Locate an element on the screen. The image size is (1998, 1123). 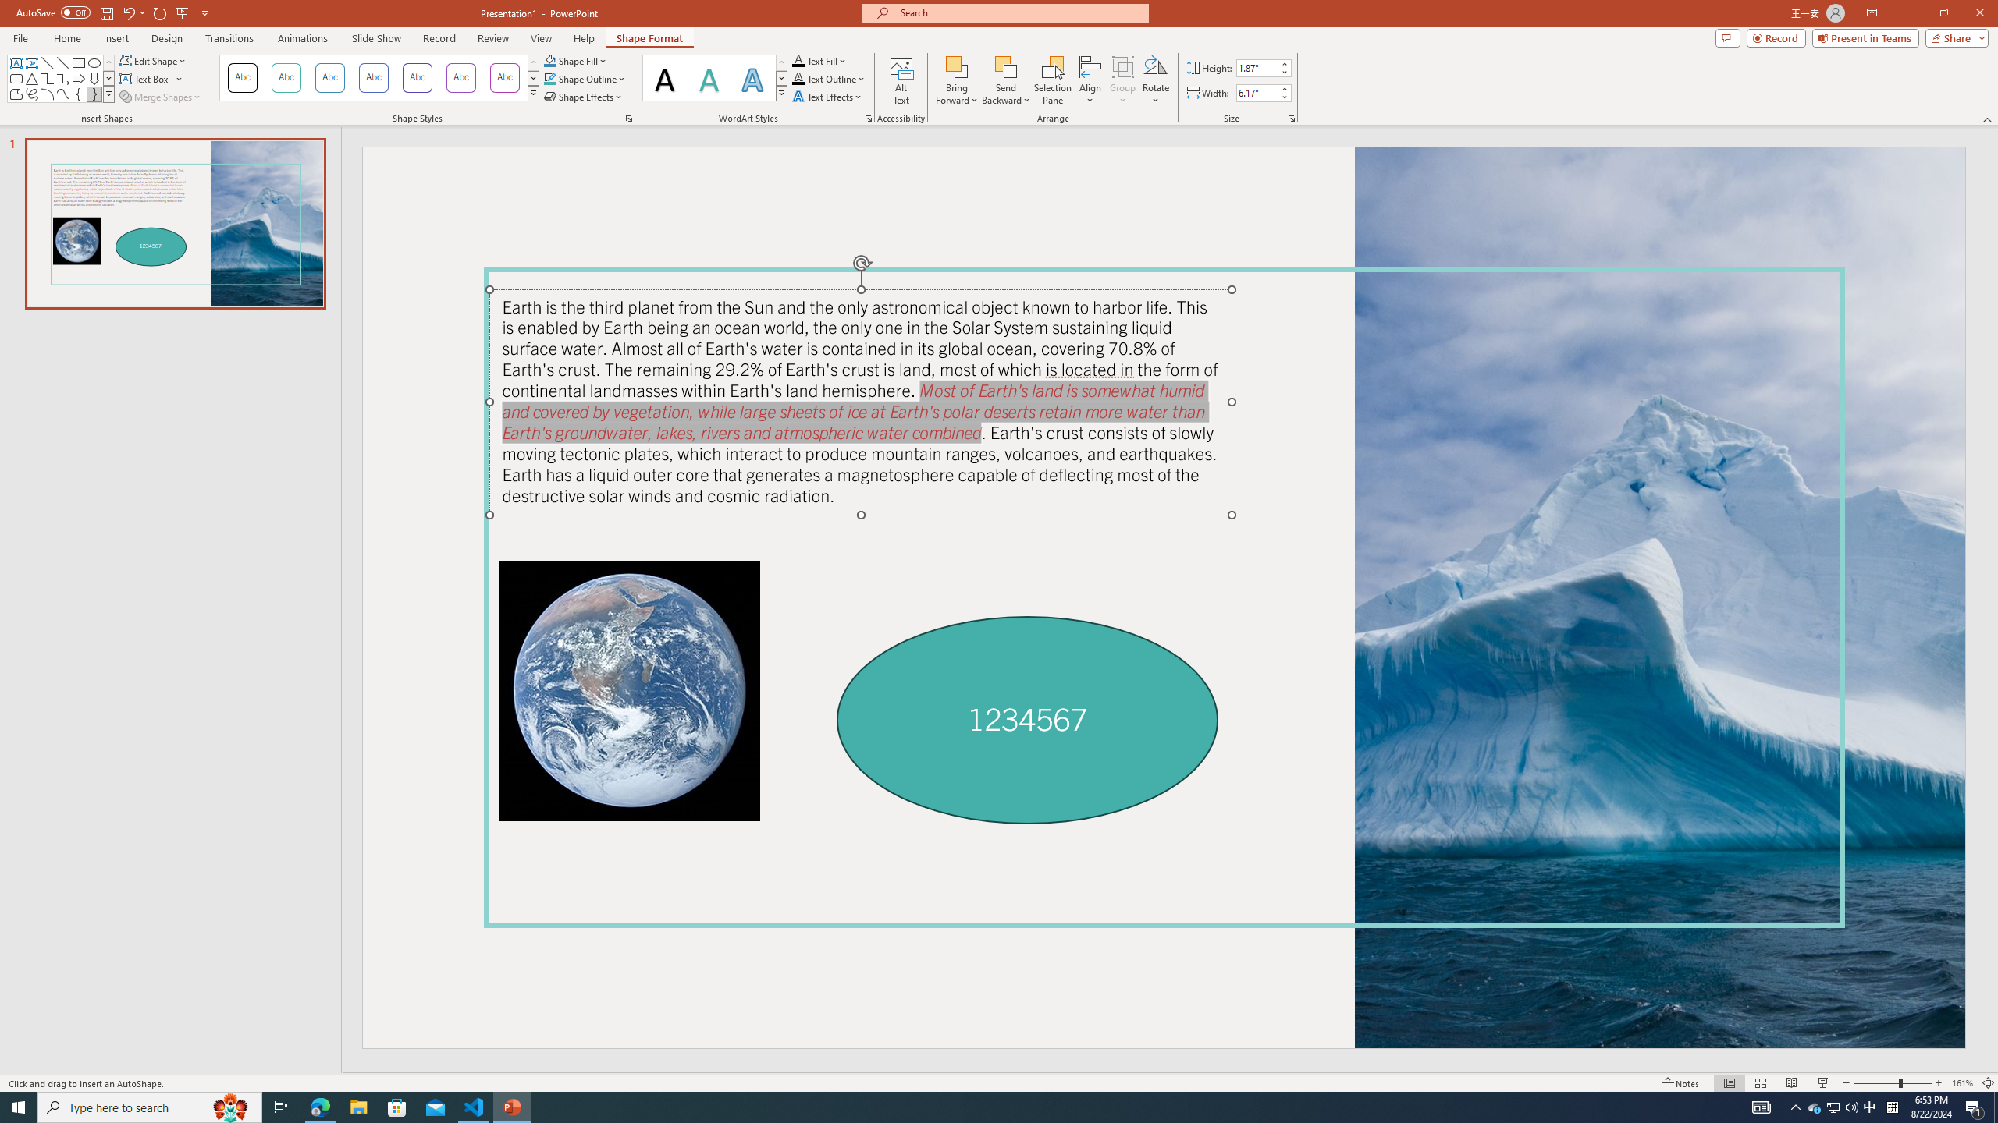
'Home' is located at coordinates (66, 38).